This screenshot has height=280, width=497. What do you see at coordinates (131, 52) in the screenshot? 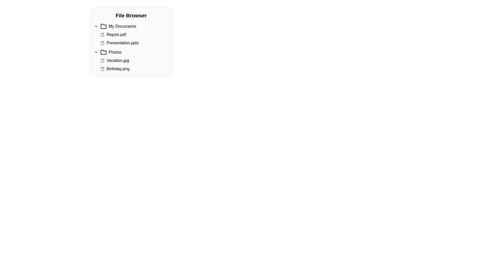
I see `the 'Photos' folder entry in the file browser` at bounding box center [131, 52].